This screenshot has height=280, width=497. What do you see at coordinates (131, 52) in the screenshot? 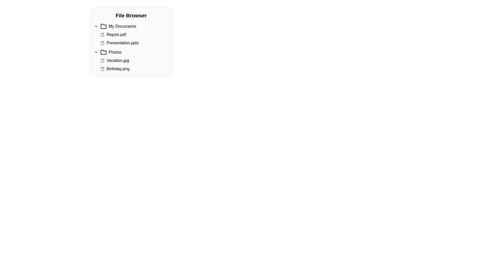
I see `the 'Photos' folder entry in the file browser` at bounding box center [131, 52].